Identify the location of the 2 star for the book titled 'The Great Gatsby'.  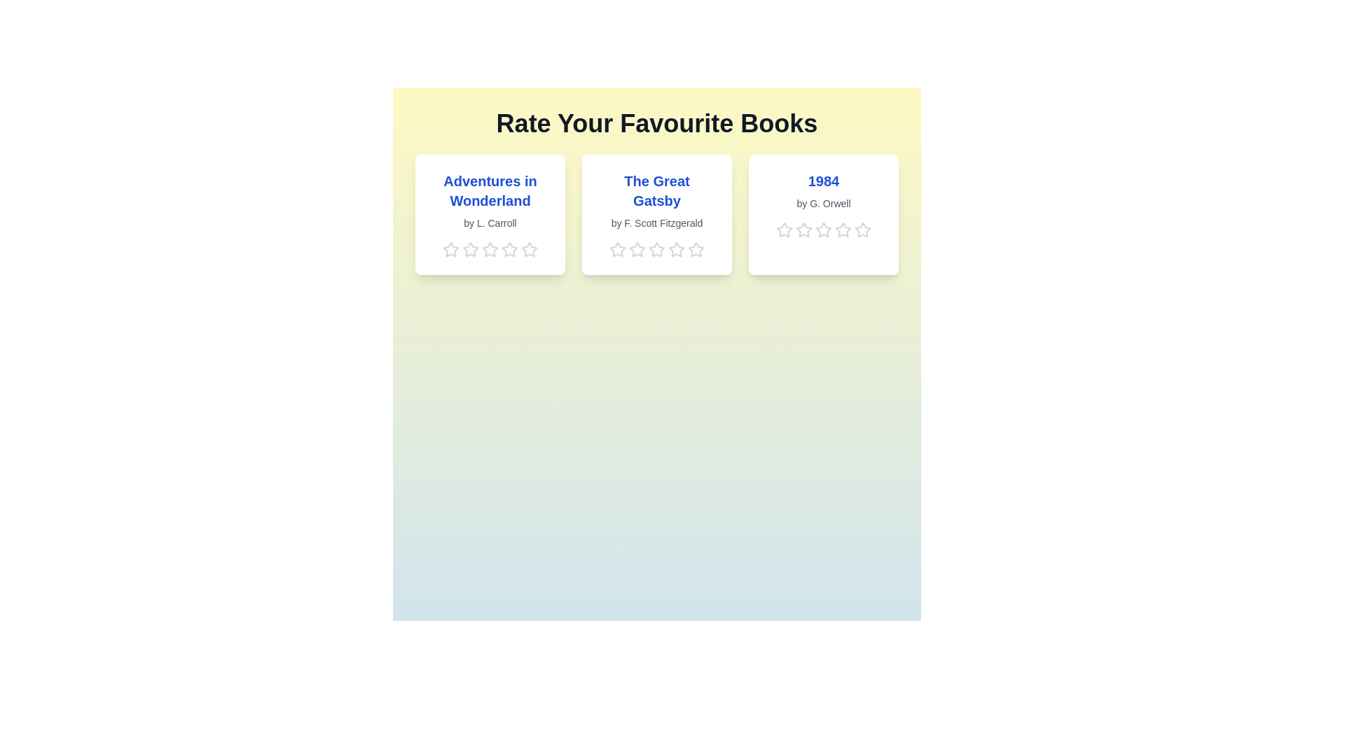
(637, 249).